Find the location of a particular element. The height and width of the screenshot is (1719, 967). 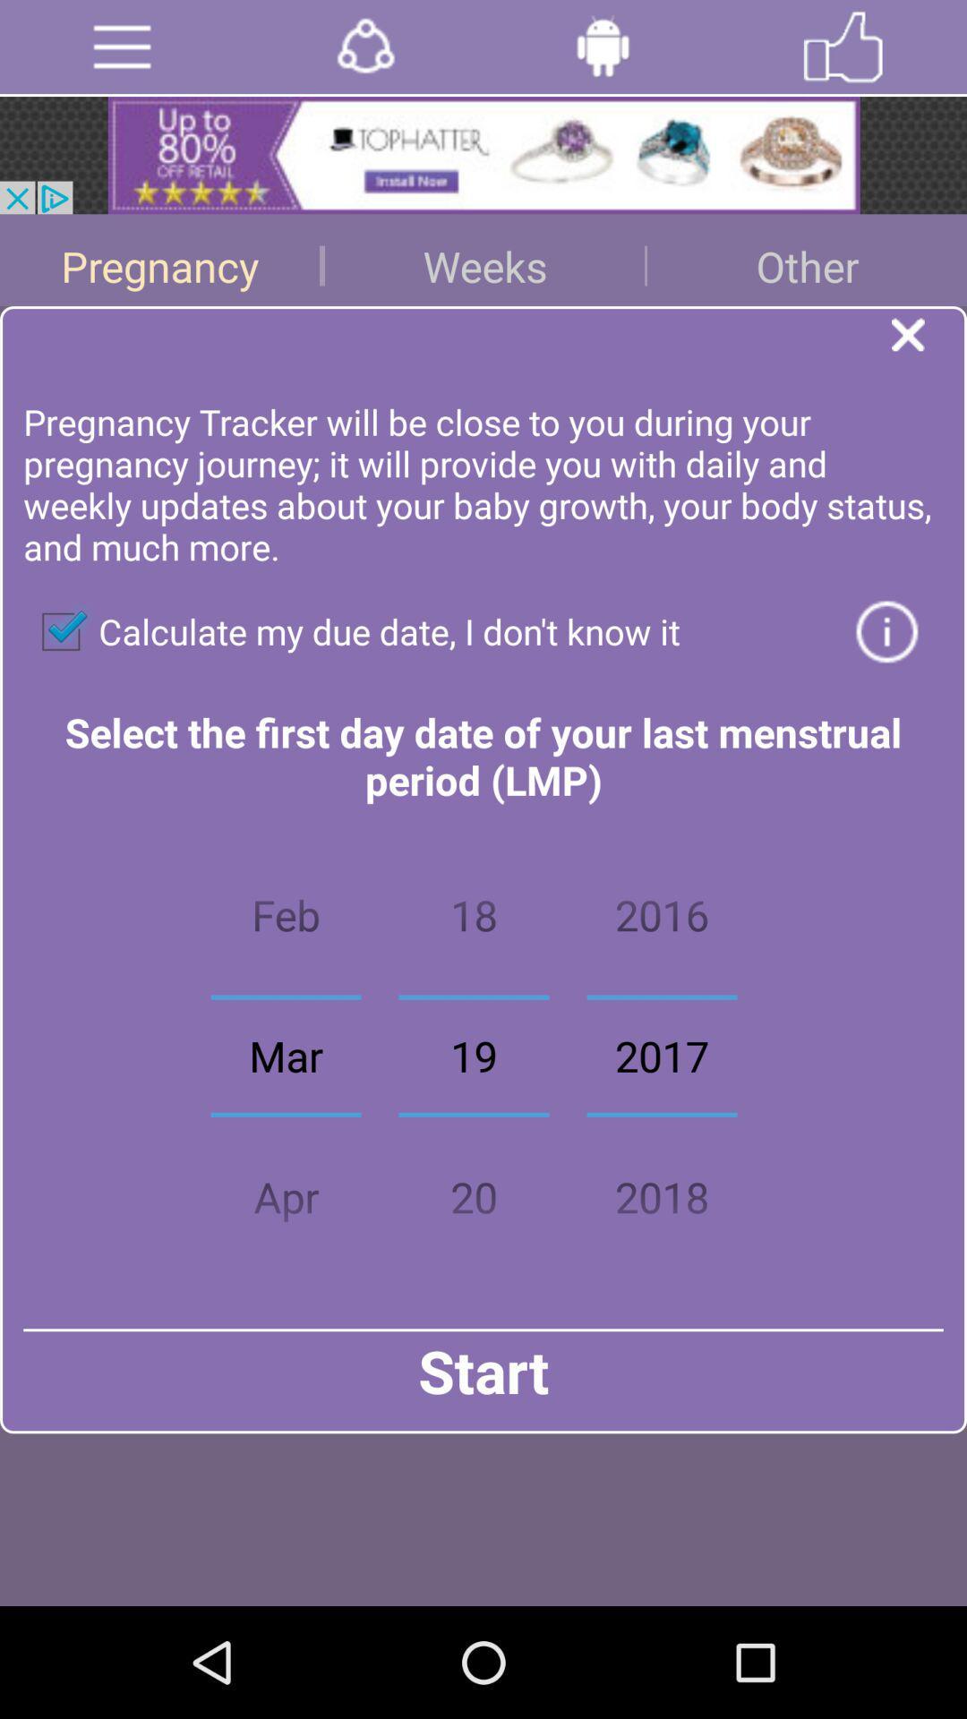

more information is located at coordinates (886, 631).